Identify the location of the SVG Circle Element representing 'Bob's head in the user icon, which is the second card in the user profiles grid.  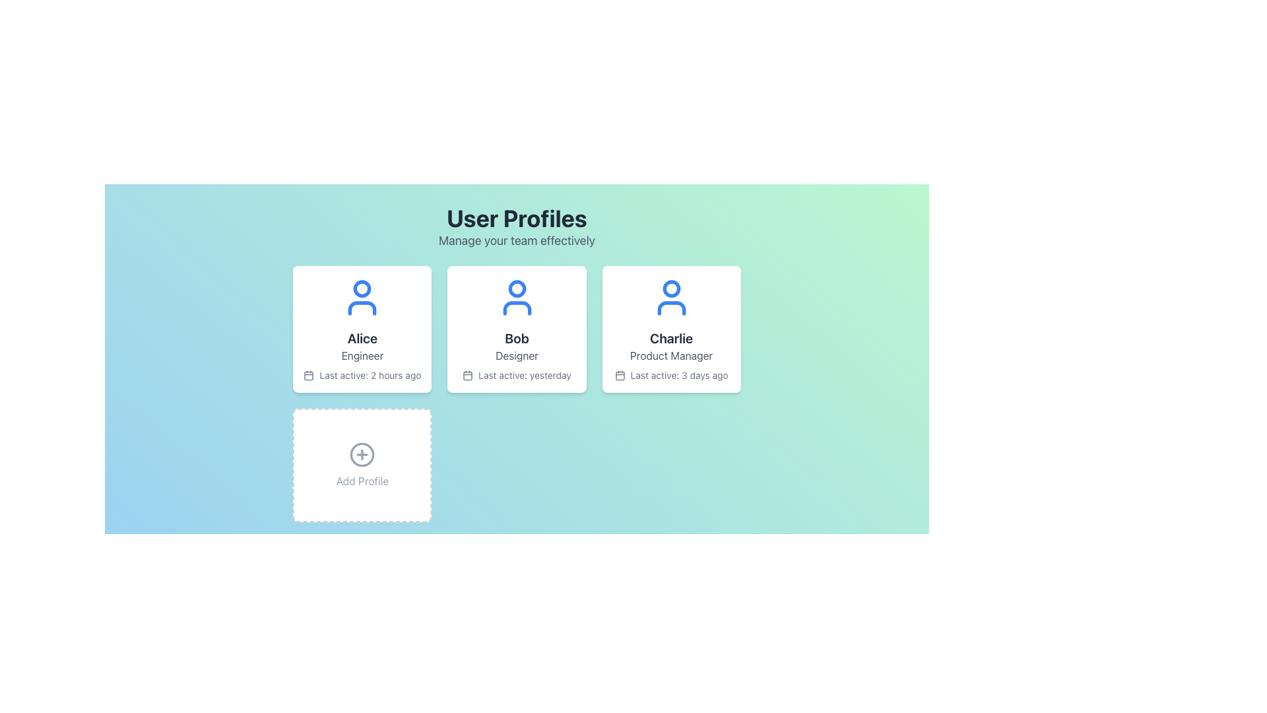
(516, 288).